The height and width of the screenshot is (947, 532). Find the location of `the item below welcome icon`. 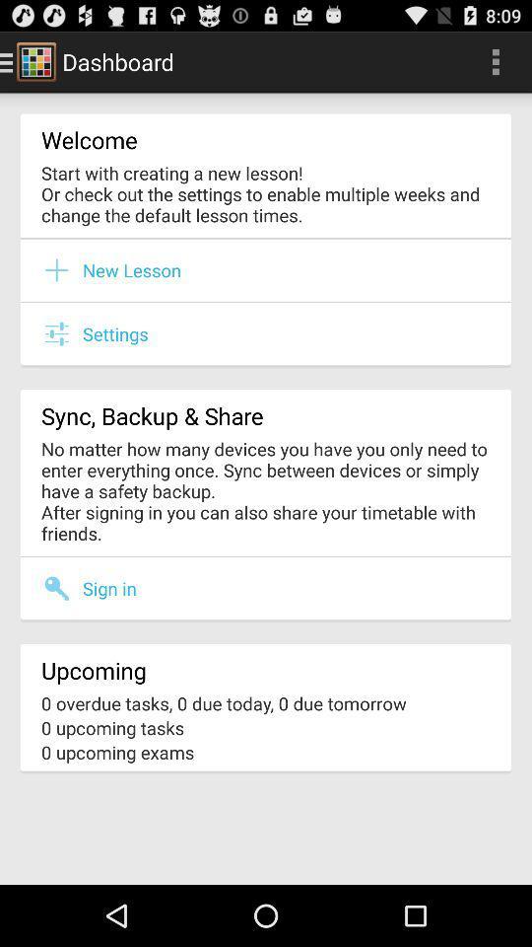

the item below welcome icon is located at coordinates (266, 193).